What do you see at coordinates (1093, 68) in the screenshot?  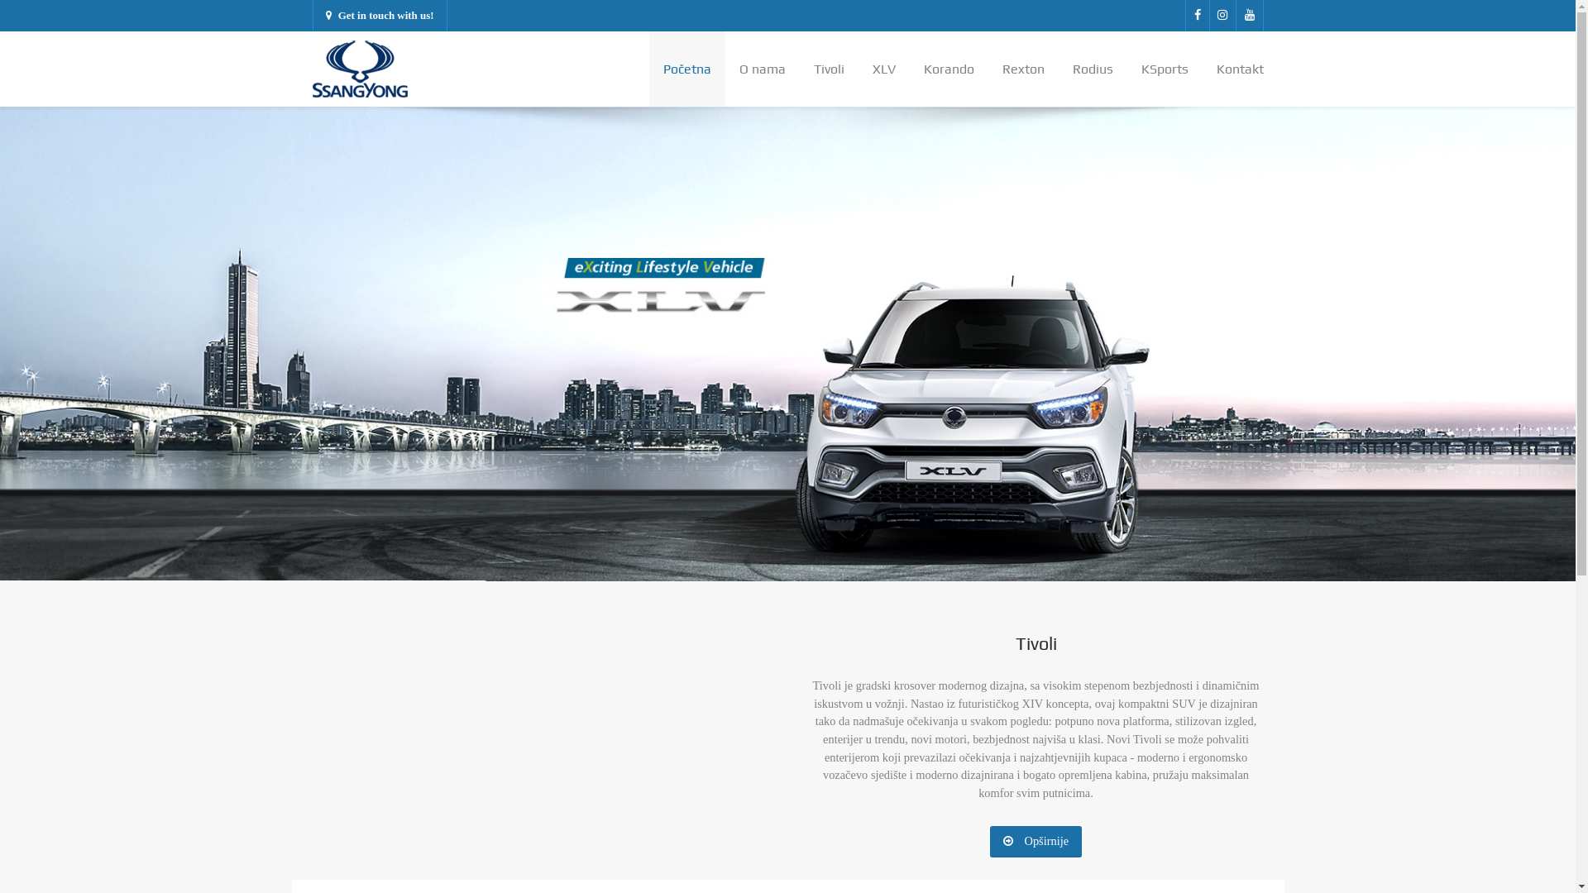 I see `'Rodius'` at bounding box center [1093, 68].